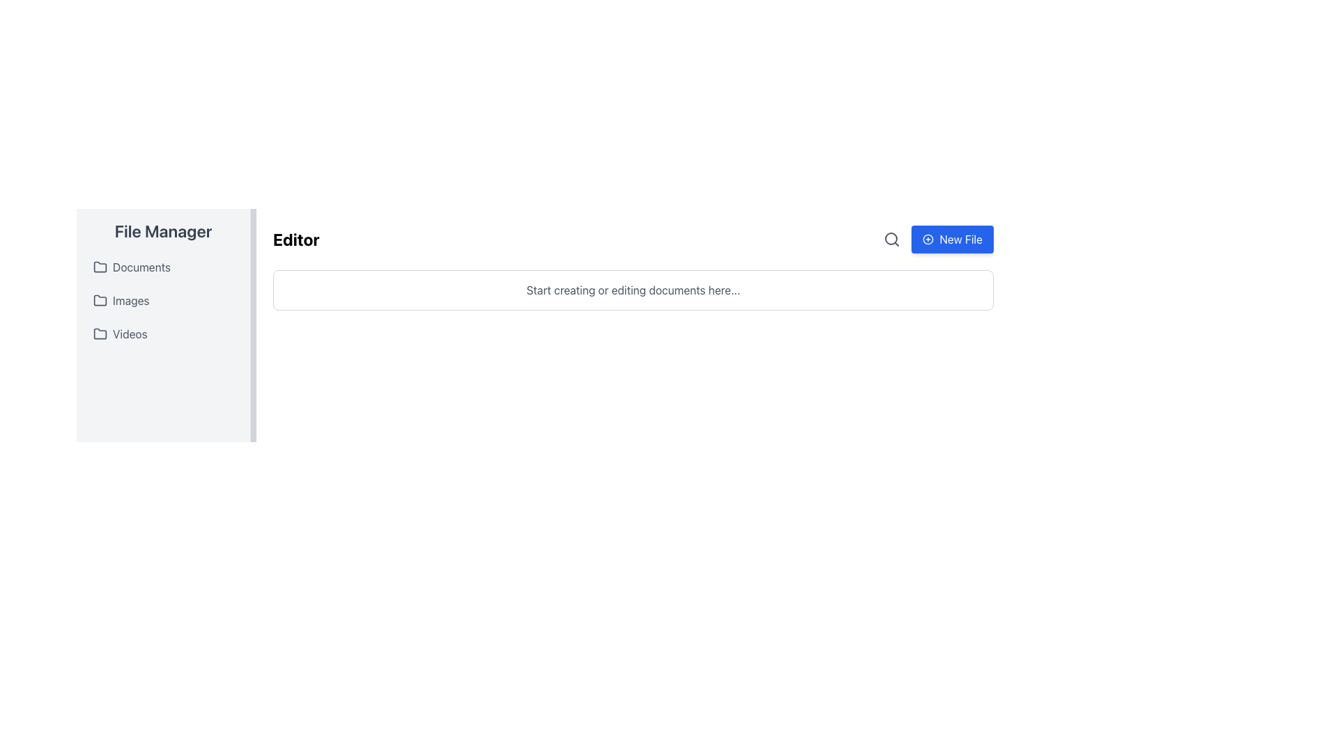  What do you see at coordinates (100, 299) in the screenshot?
I see `the folder icon in the vertical navigation menu under 'File Manager'` at bounding box center [100, 299].